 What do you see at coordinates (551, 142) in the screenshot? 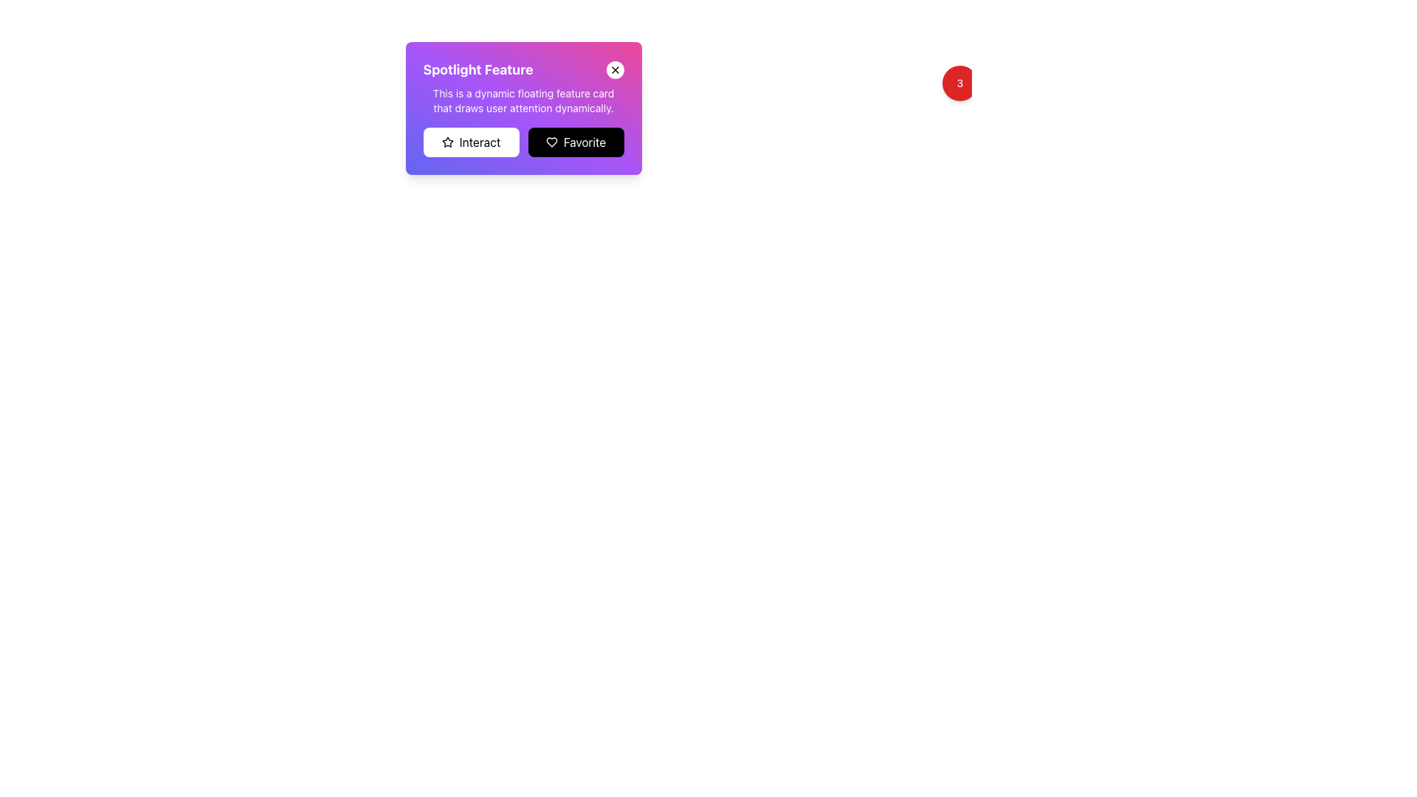
I see `the heart-shaped icon within the Favorite button to mark or unmark it as favorite` at bounding box center [551, 142].